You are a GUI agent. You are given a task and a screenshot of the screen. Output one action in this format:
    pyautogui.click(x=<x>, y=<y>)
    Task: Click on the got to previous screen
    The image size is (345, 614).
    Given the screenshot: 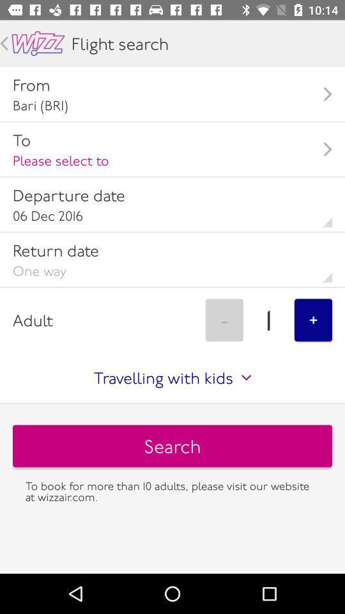 What is the action you would take?
    pyautogui.click(x=3, y=43)
    